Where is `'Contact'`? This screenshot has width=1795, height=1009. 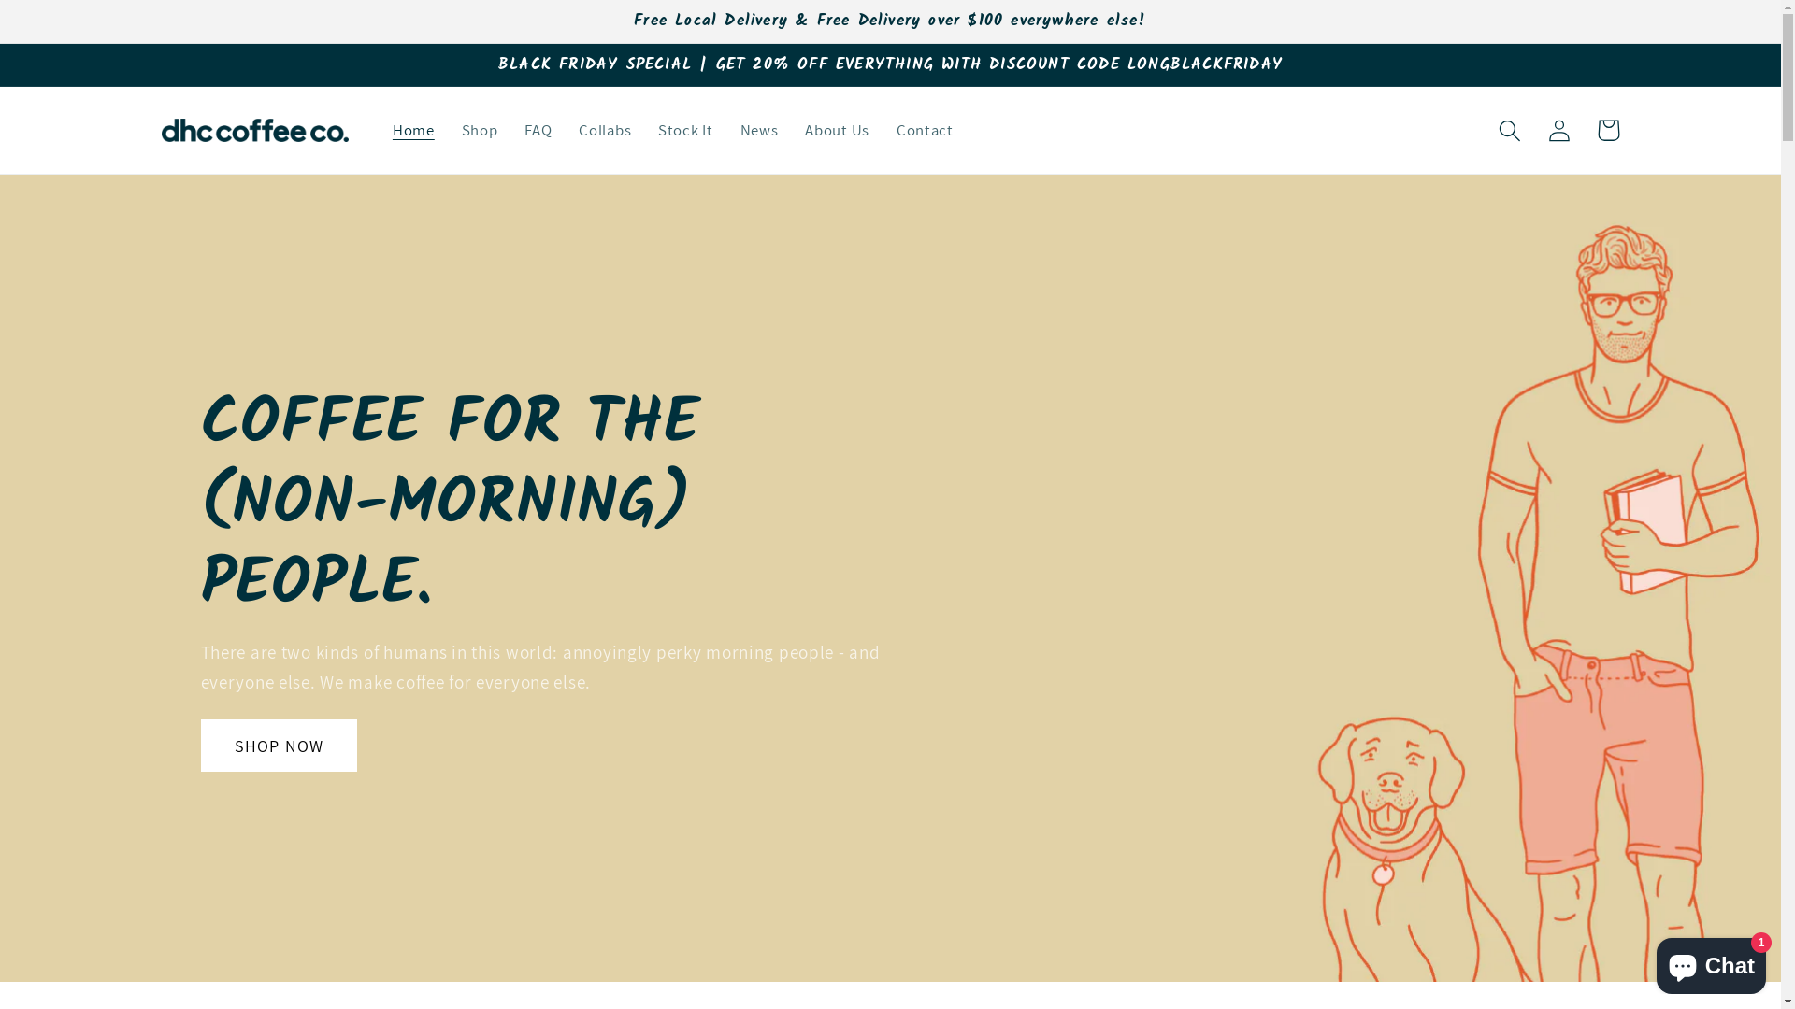 'Contact' is located at coordinates (924, 129).